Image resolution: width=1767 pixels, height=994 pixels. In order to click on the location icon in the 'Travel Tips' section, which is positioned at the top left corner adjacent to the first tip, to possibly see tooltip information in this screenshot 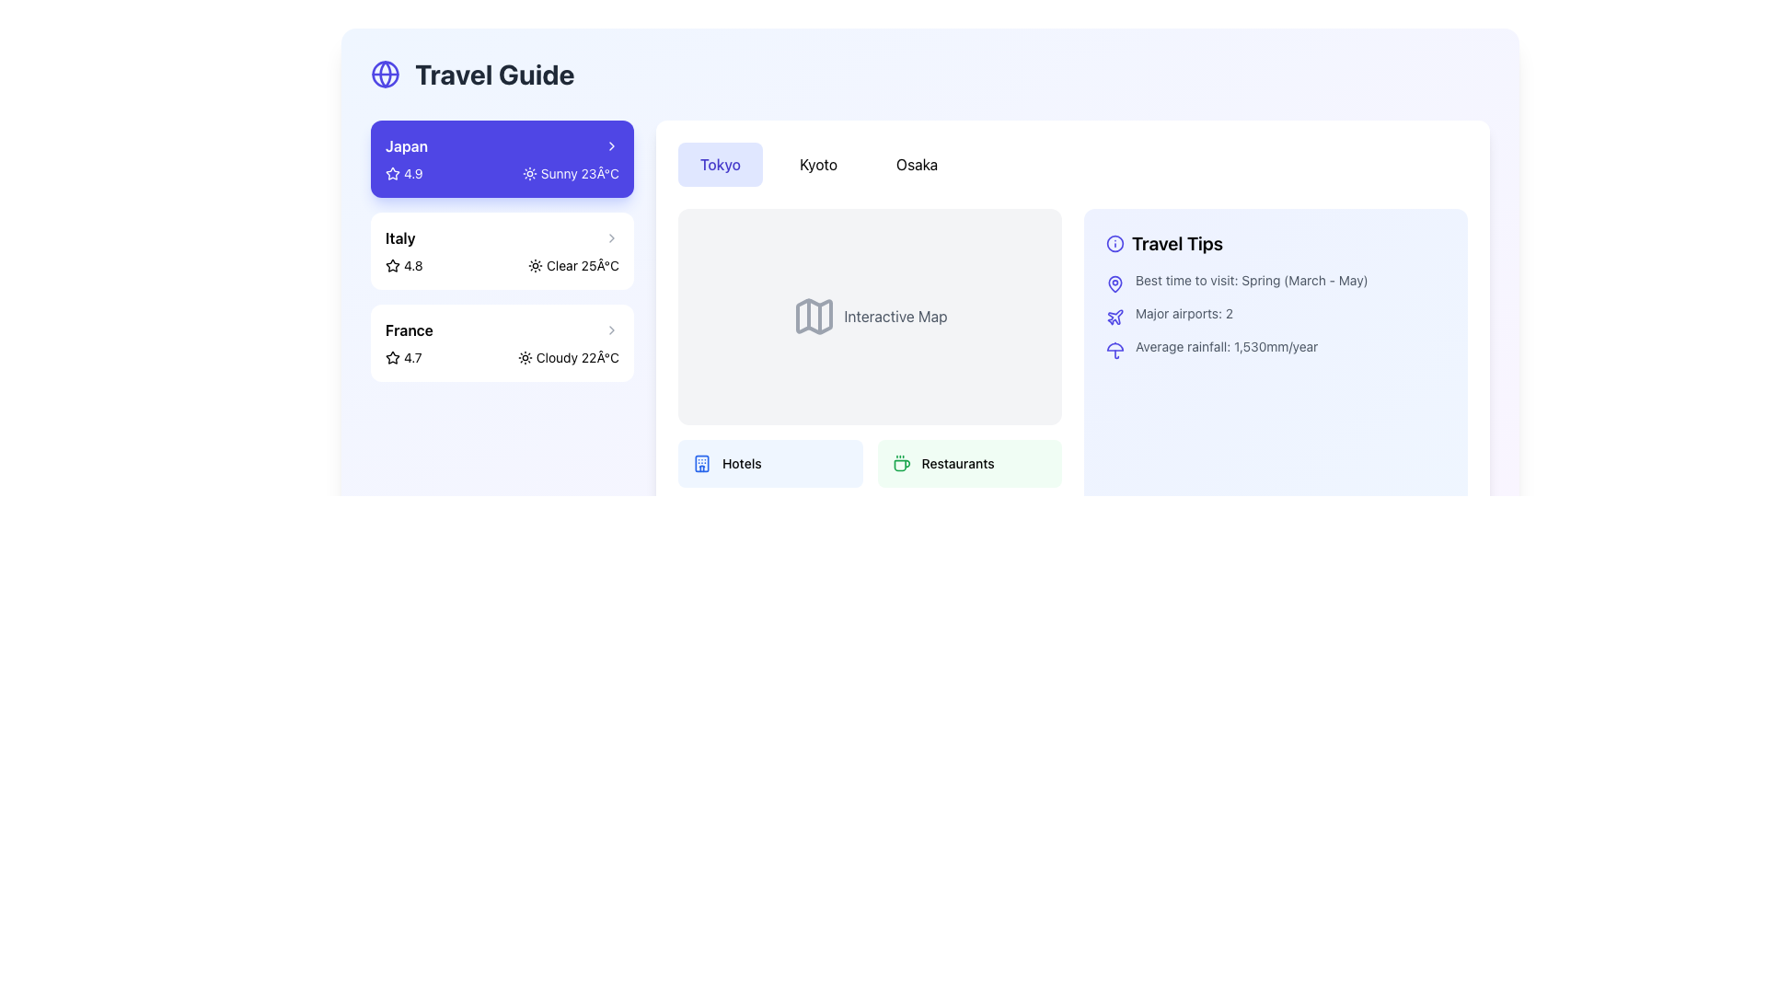, I will do `click(1114, 283)`.